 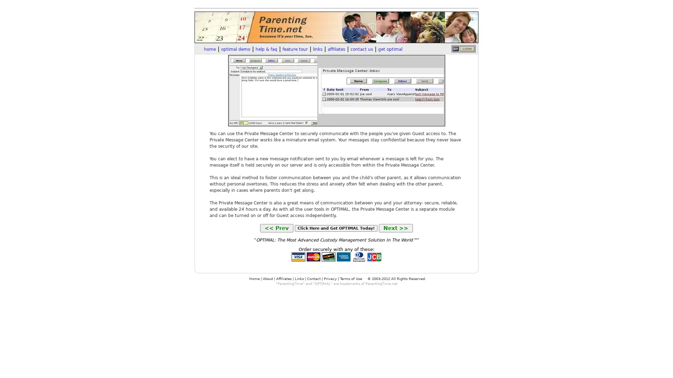 I want to click on Next >>, so click(x=396, y=228).